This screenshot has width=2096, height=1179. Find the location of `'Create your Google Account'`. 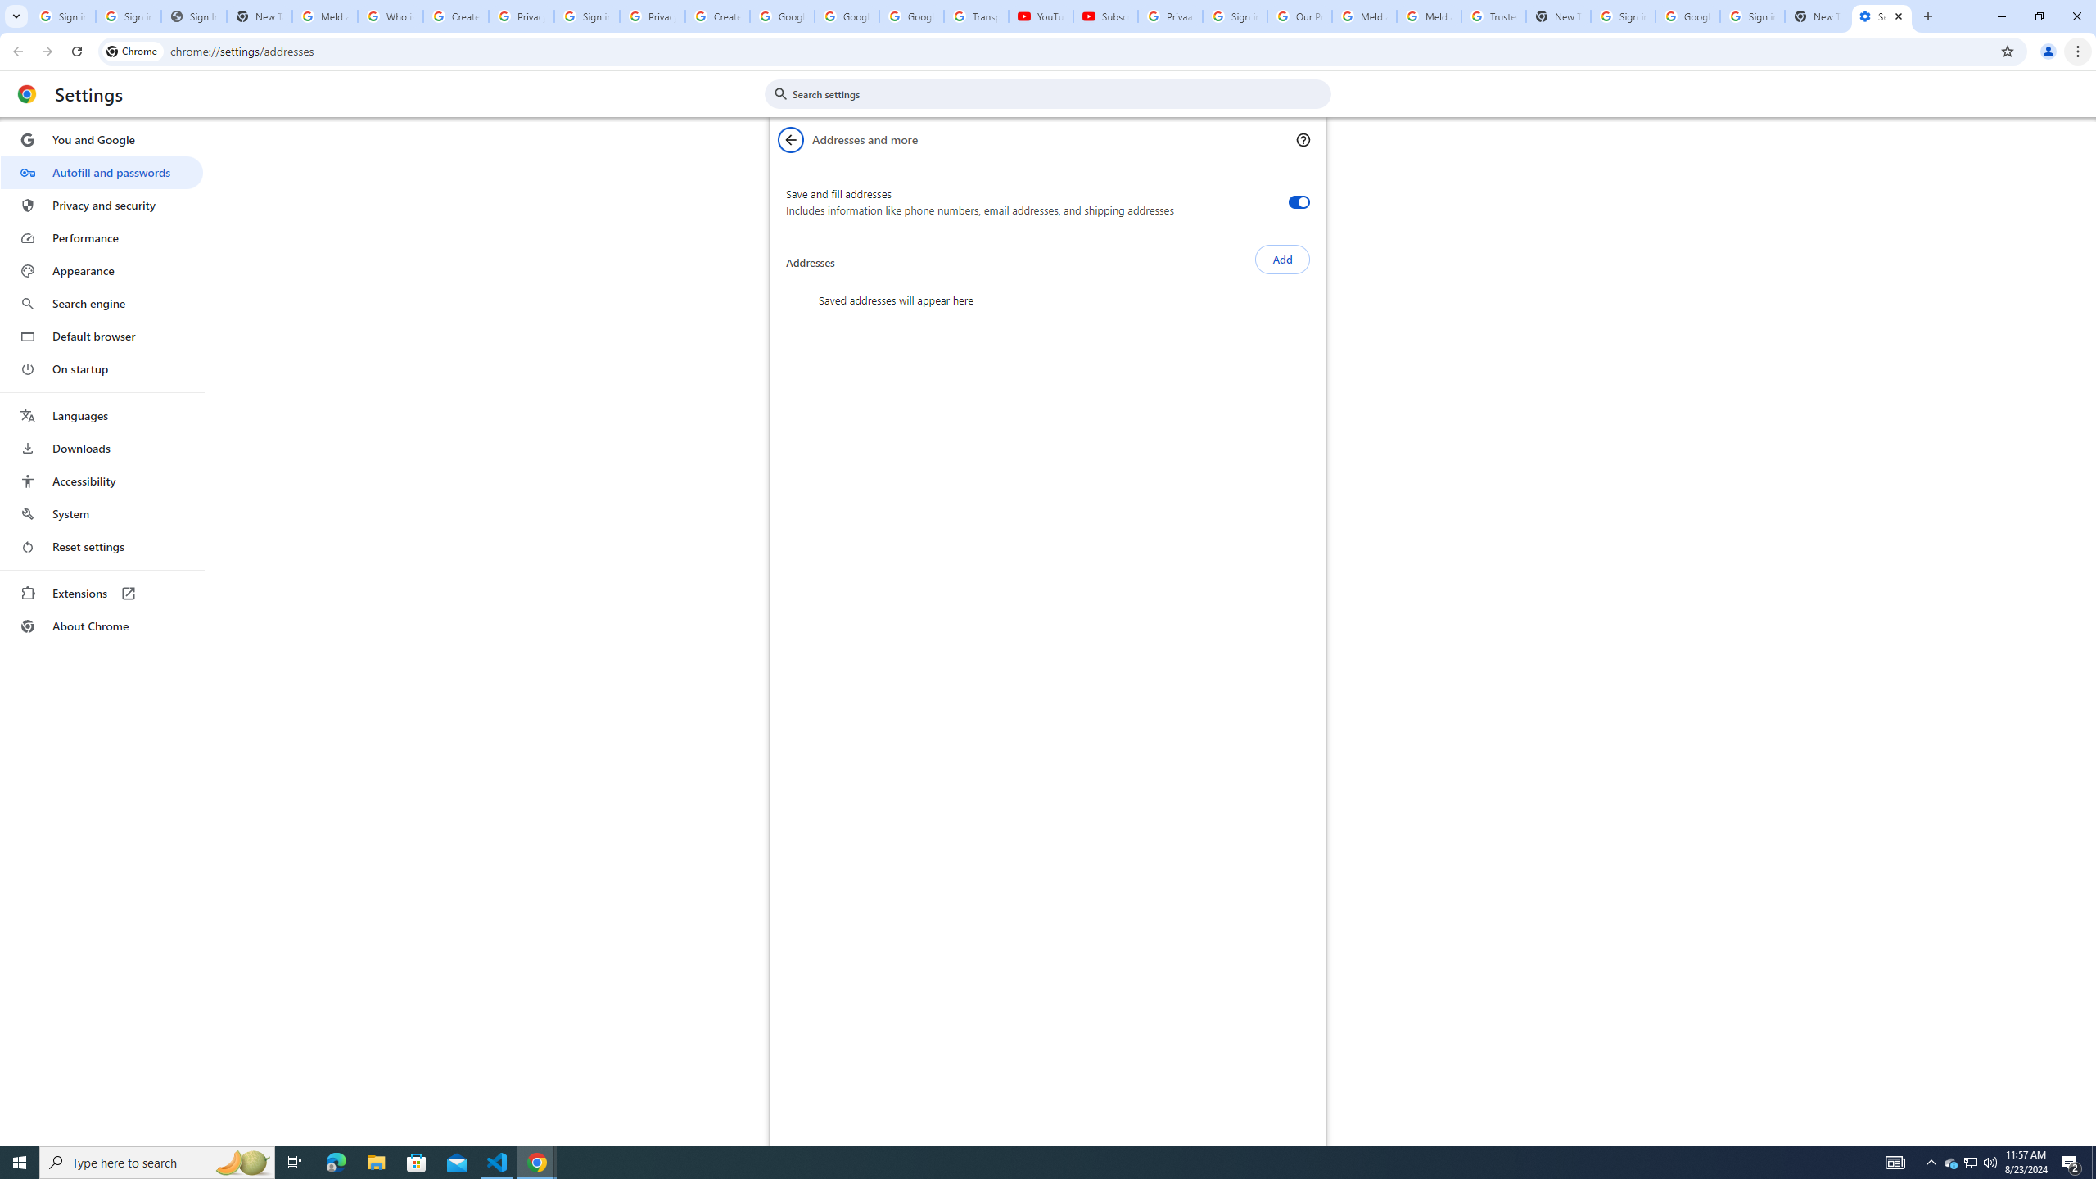

'Create your Google Account' is located at coordinates (716, 16).